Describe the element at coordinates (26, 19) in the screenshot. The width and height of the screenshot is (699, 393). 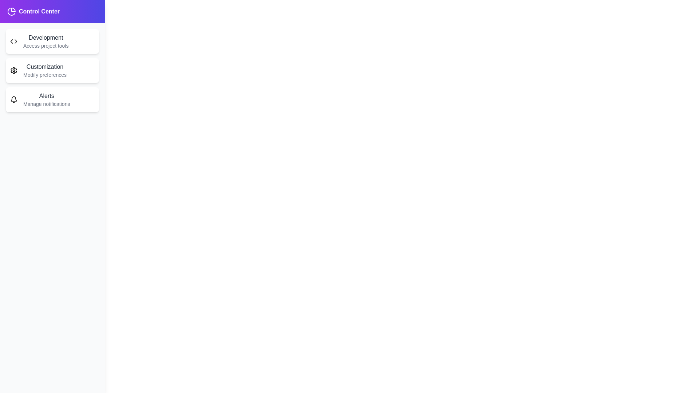
I see `the toggle button to toggle the visibility of the drawer` at that location.